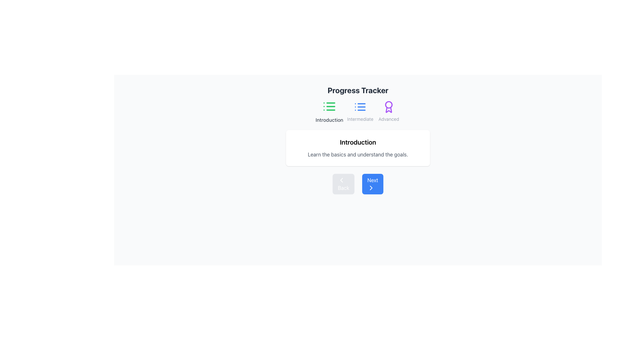  What do you see at coordinates (372, 184) in the screenshot?
I see `the blue 'Next' button with rounded corners located at the bottom-right area of the content section` at bounding box center [372, 184].